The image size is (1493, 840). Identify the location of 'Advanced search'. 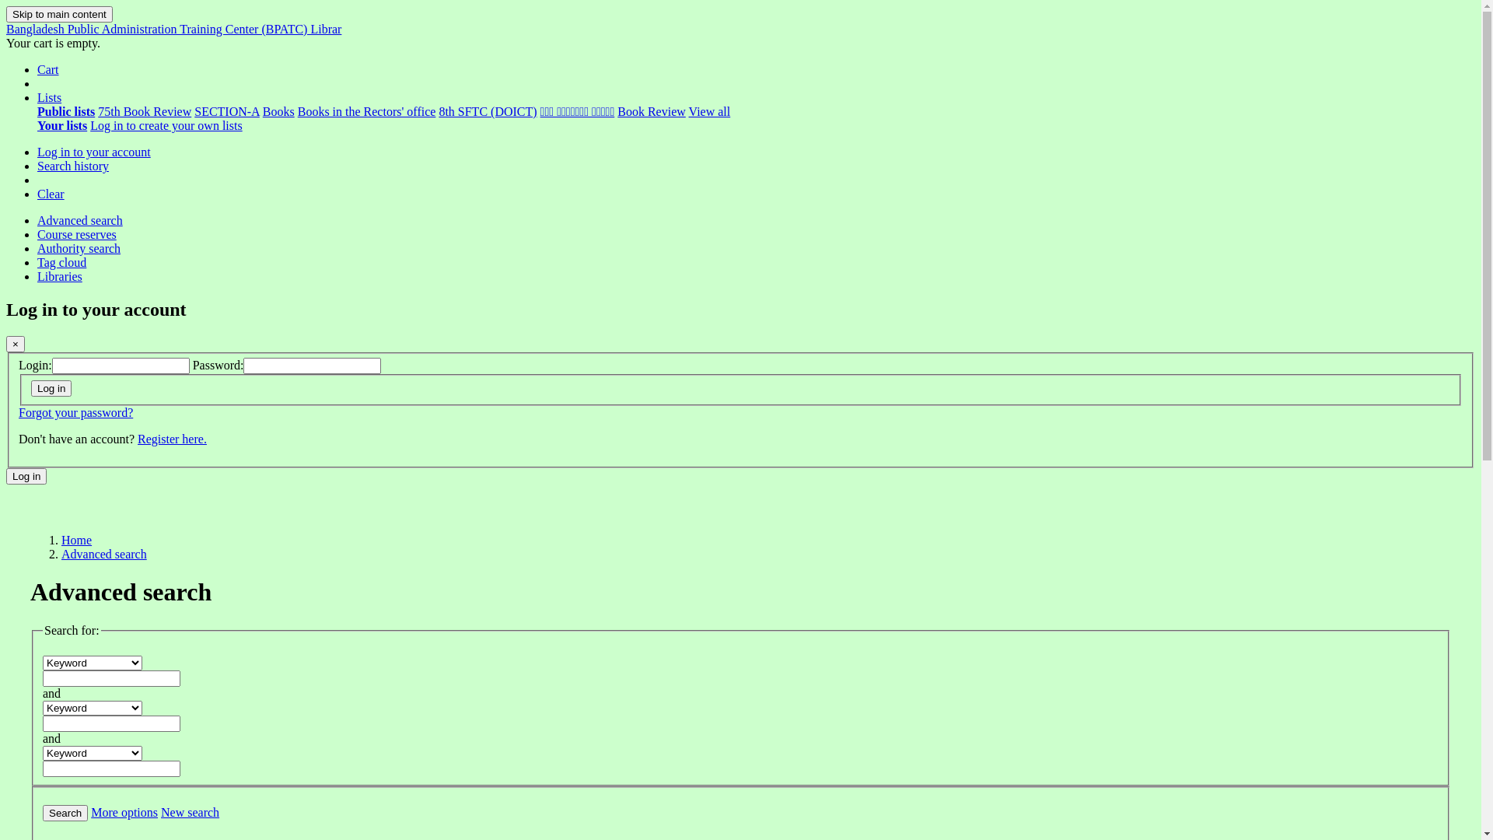
(103, 553).